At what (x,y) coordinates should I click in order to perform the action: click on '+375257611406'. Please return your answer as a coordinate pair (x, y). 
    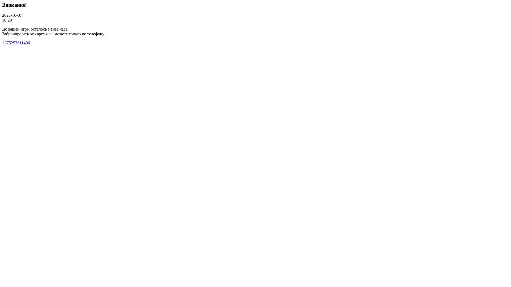
    Looking at the image, I should click on (16, 43).